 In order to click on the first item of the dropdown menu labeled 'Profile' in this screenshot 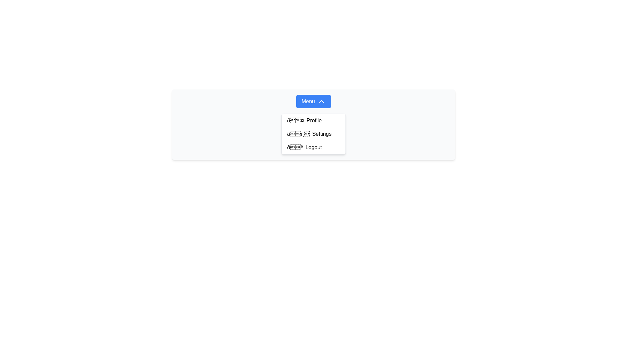, I will do `click(313, 120)`.